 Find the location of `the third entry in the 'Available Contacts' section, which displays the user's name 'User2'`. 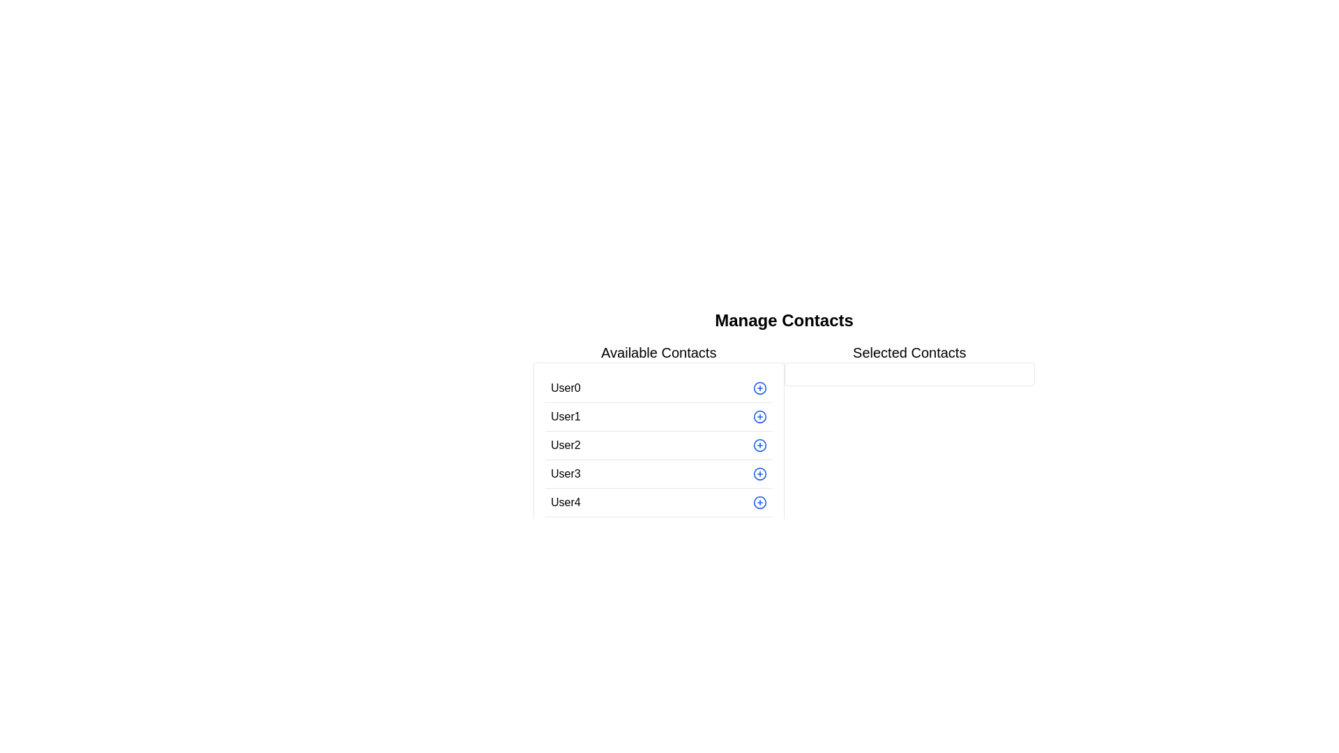

the third entry in the 'Available Contacts' section, which displays the user's name 'User2' is located at coordinates (658, 446).